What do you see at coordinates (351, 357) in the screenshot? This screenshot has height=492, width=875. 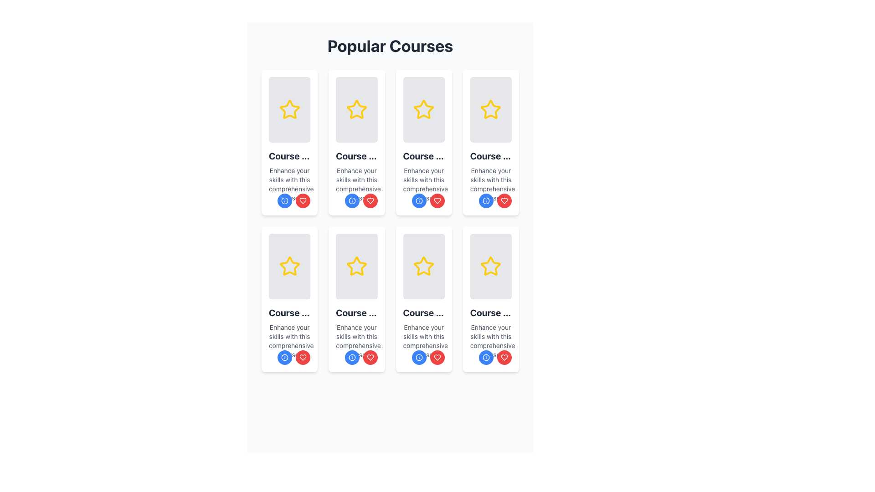 I see `circular graphic element defined by a solid line within the SVG icon located in the 'Popular Courses' section of the card layout` at bounding box center [351, 357].